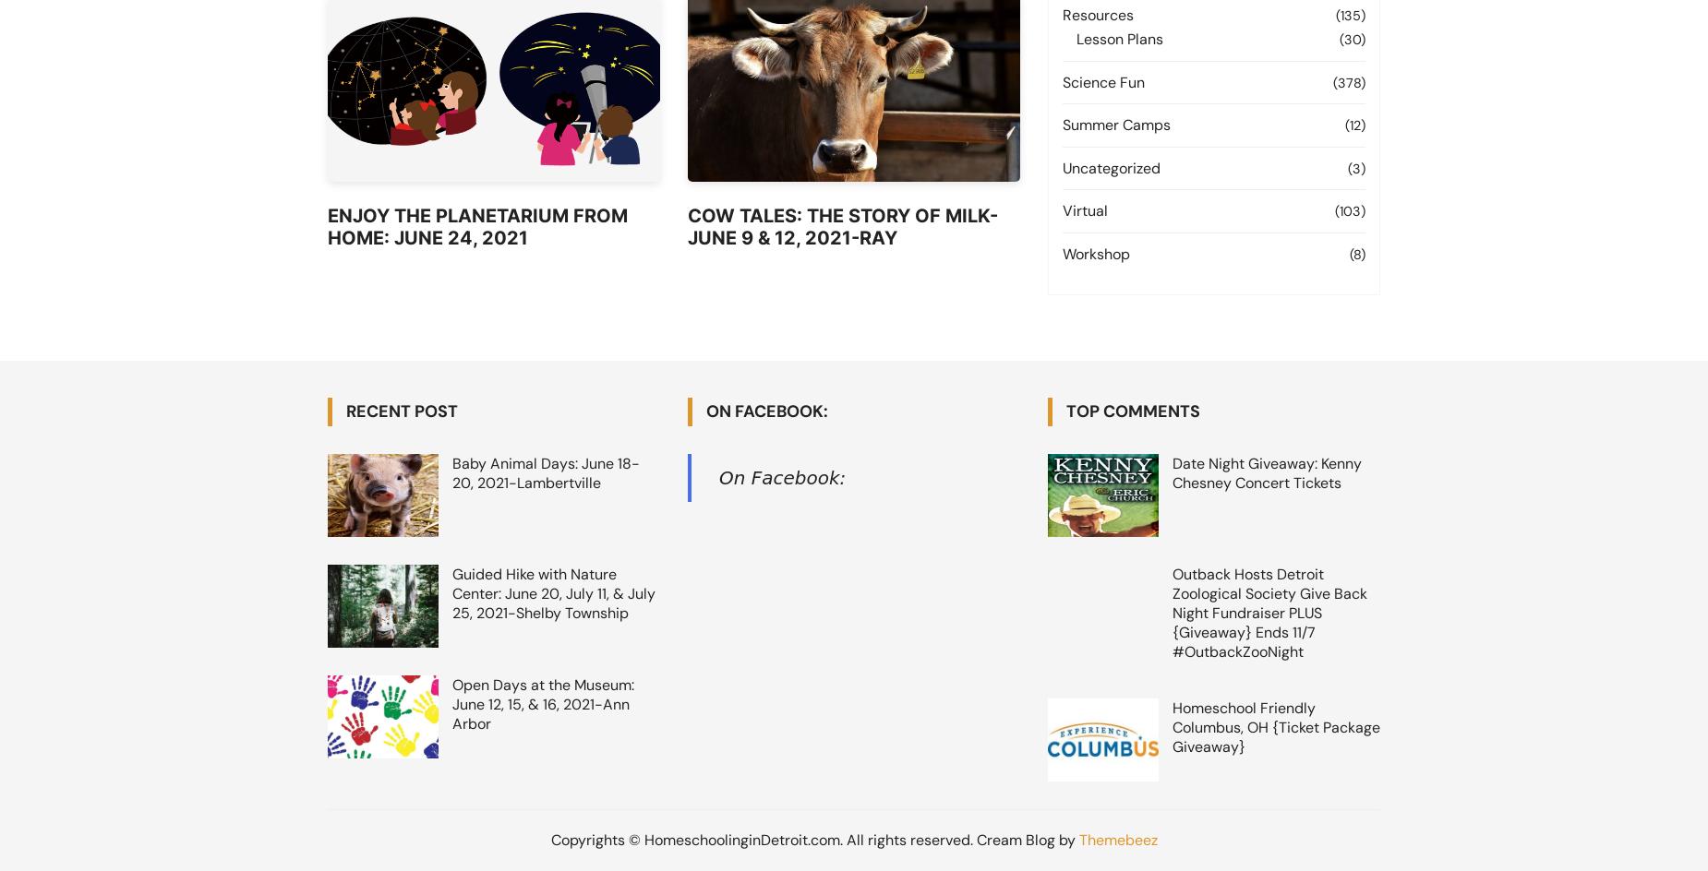  I want to click on 'Top comments', so click(1132, 410).